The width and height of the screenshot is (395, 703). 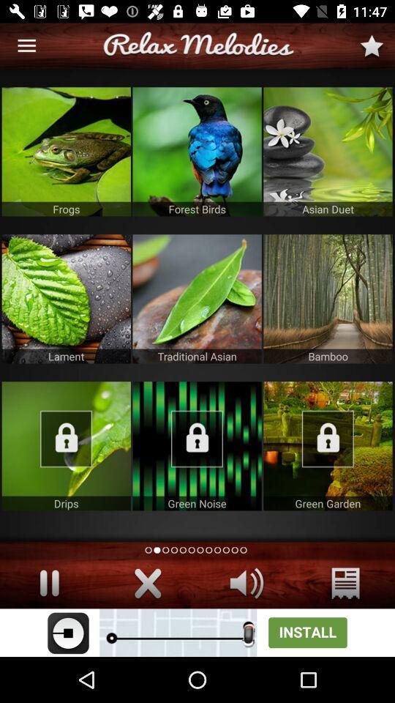 I want to click on the lock option, so click(x=328, y=445).